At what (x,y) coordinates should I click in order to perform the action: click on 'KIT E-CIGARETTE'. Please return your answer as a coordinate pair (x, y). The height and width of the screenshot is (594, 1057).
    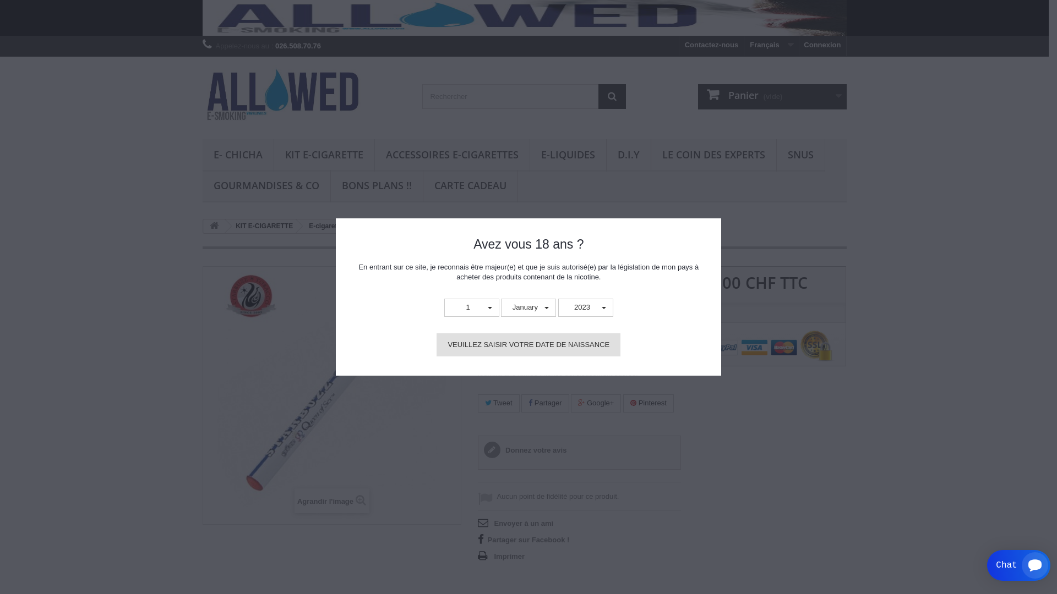
    Looking at the image, I should click on (261, 226).